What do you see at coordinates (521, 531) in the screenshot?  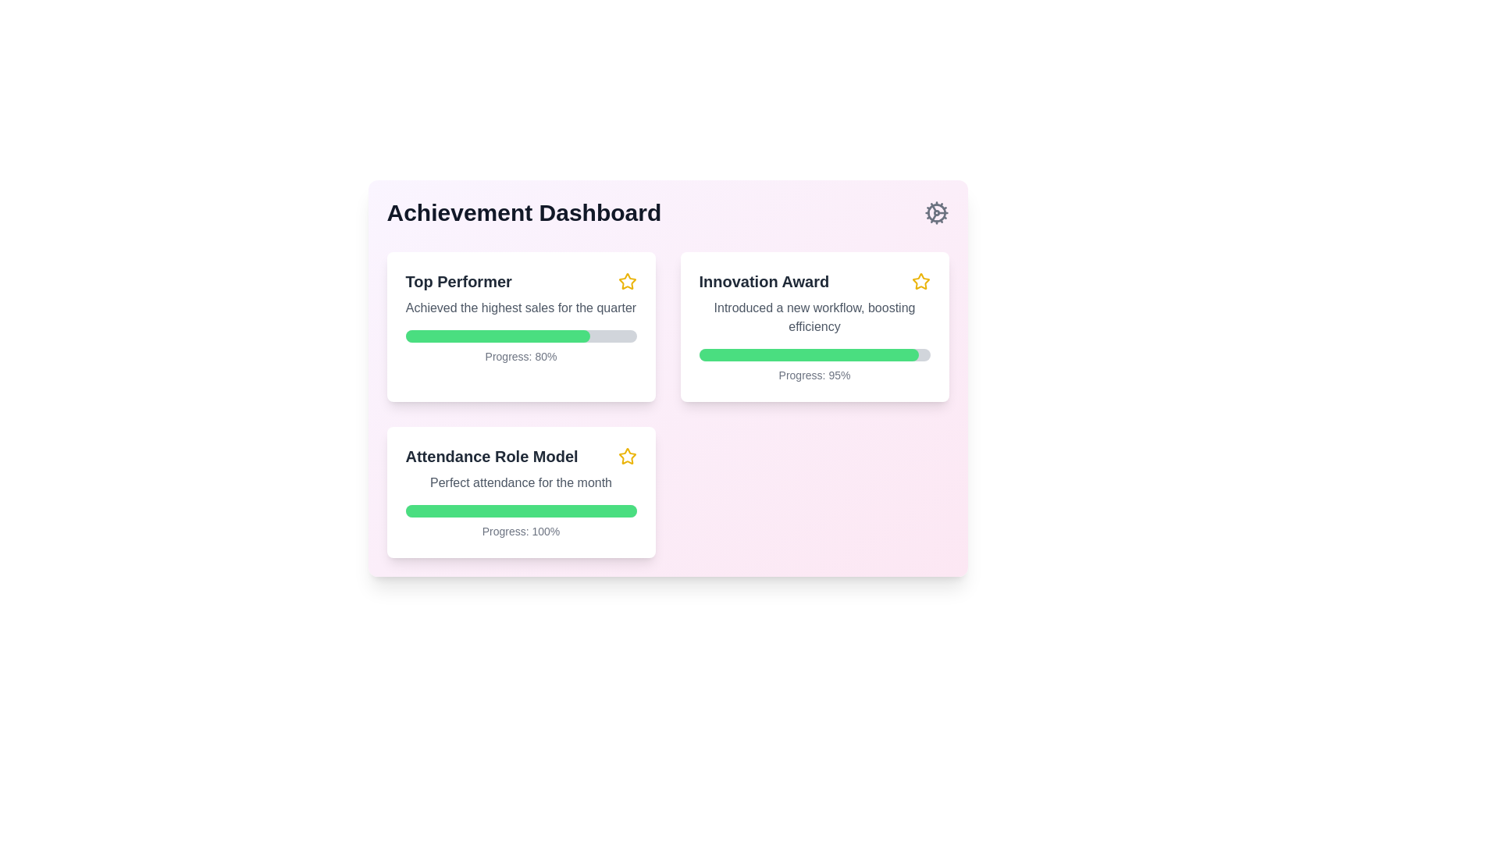 I see `the text displaying the completion status of the progress metric, which indicates it is at 100%, located below the green progress bar in the 'Attendance Role Model' card` at bounding box center [521, 531].